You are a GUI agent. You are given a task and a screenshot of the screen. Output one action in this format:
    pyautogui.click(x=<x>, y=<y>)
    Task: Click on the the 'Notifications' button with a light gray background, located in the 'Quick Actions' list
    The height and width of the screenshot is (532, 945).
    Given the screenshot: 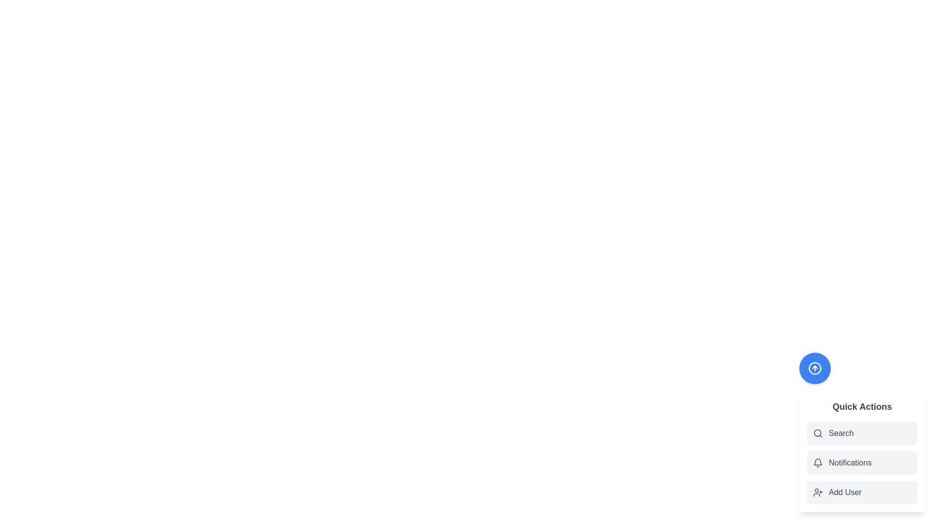 What is the action you would take?
    pyautogui.click(x=862, y=463)
    